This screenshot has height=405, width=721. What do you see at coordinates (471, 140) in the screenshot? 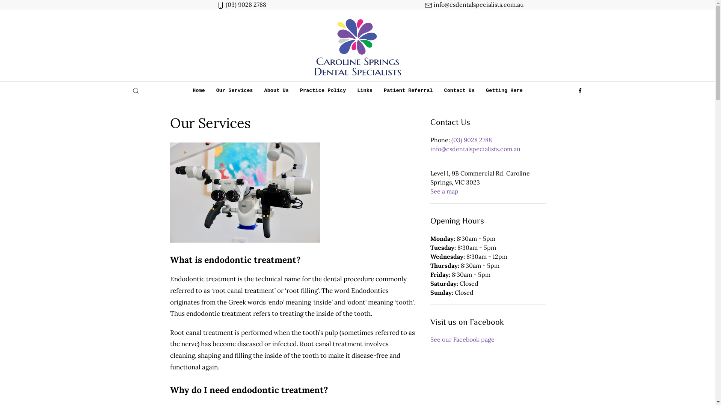
I see `'(03) 9028 2788'` at bounding box center [471, 140].